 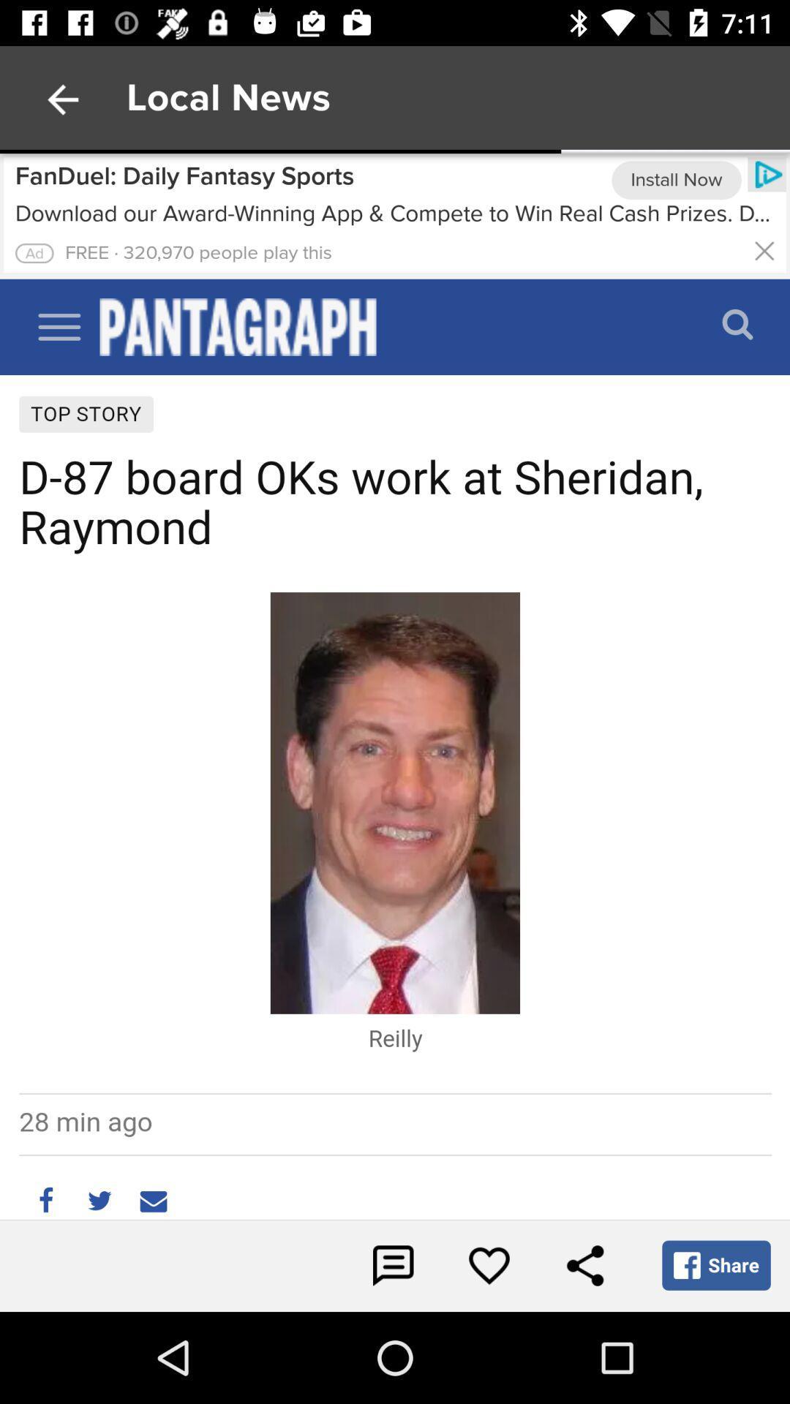 What do you see at coordinates (584, 1265) in the screenshot?
I see `share pantagraph` at bounding box center [584, 1265].